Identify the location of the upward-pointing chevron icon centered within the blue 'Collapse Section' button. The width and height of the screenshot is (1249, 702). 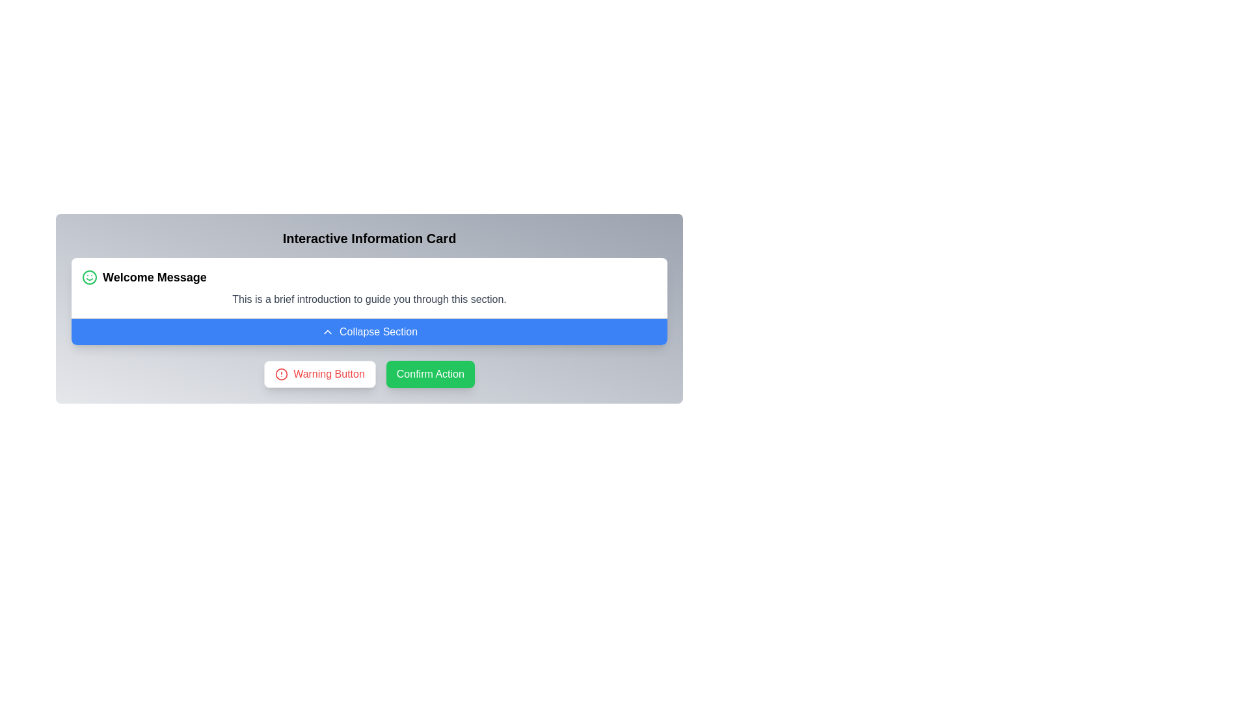
(328, 331).